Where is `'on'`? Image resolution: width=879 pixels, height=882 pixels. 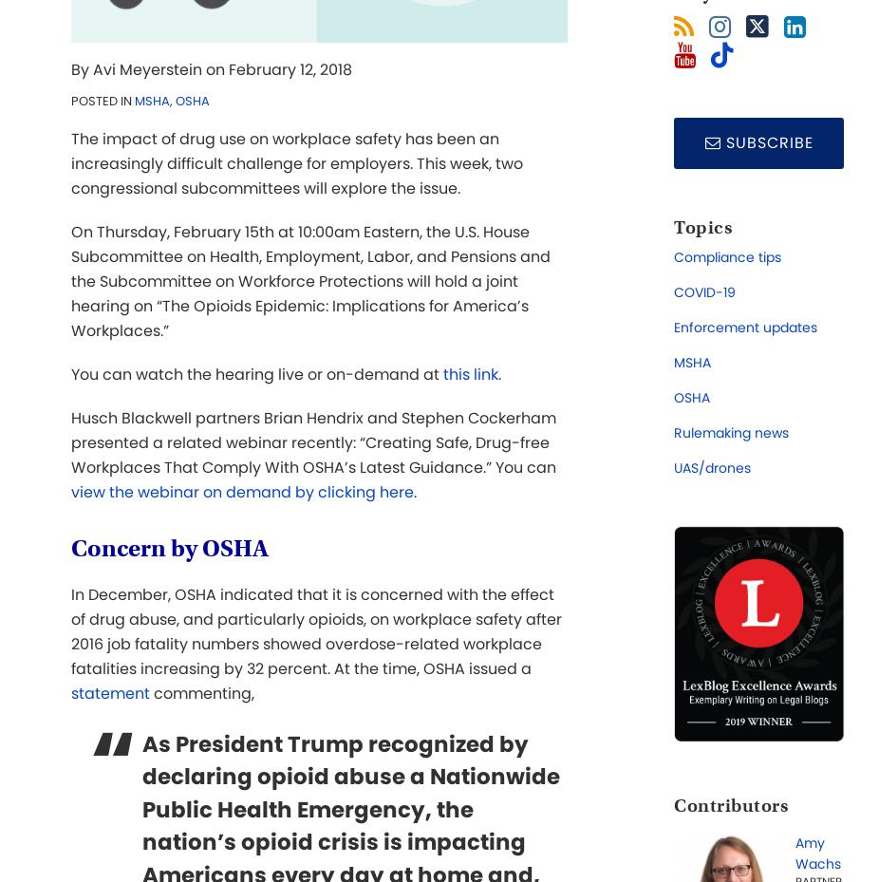
'on' is located at coordinates (214, 68).